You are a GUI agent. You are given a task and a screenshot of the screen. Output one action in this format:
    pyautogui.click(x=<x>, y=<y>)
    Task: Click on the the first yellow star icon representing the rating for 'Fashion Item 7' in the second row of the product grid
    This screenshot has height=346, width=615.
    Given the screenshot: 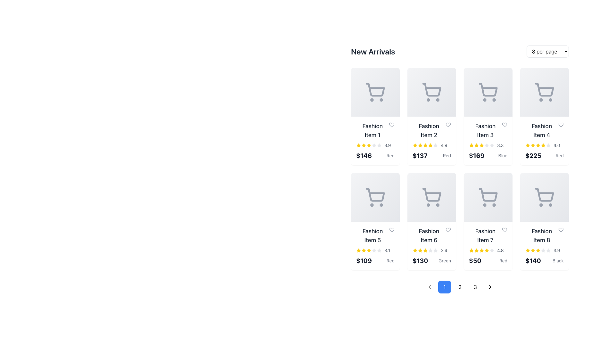 What is the action you would take?
    pyautogui.click(x=471, y=250)
    